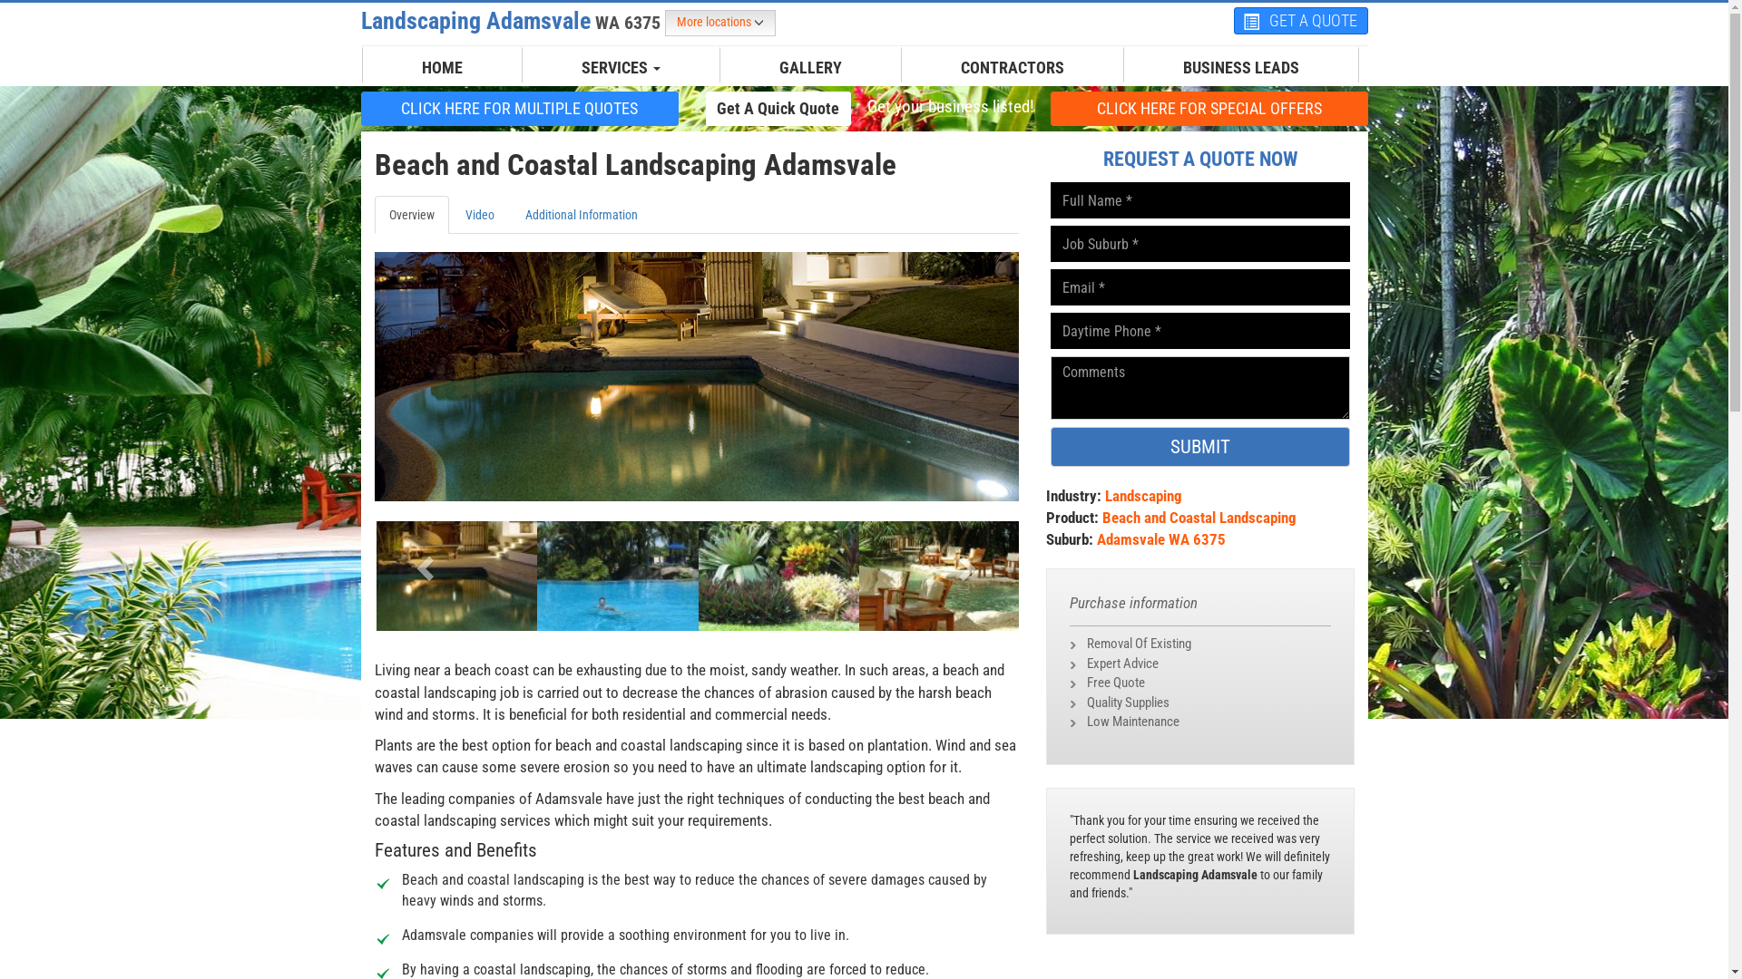 This screenshot has width=1742, height=979. Describe the element at coordinates (579, 213) in the screenshot. I see `'Additional Information'` at that location.